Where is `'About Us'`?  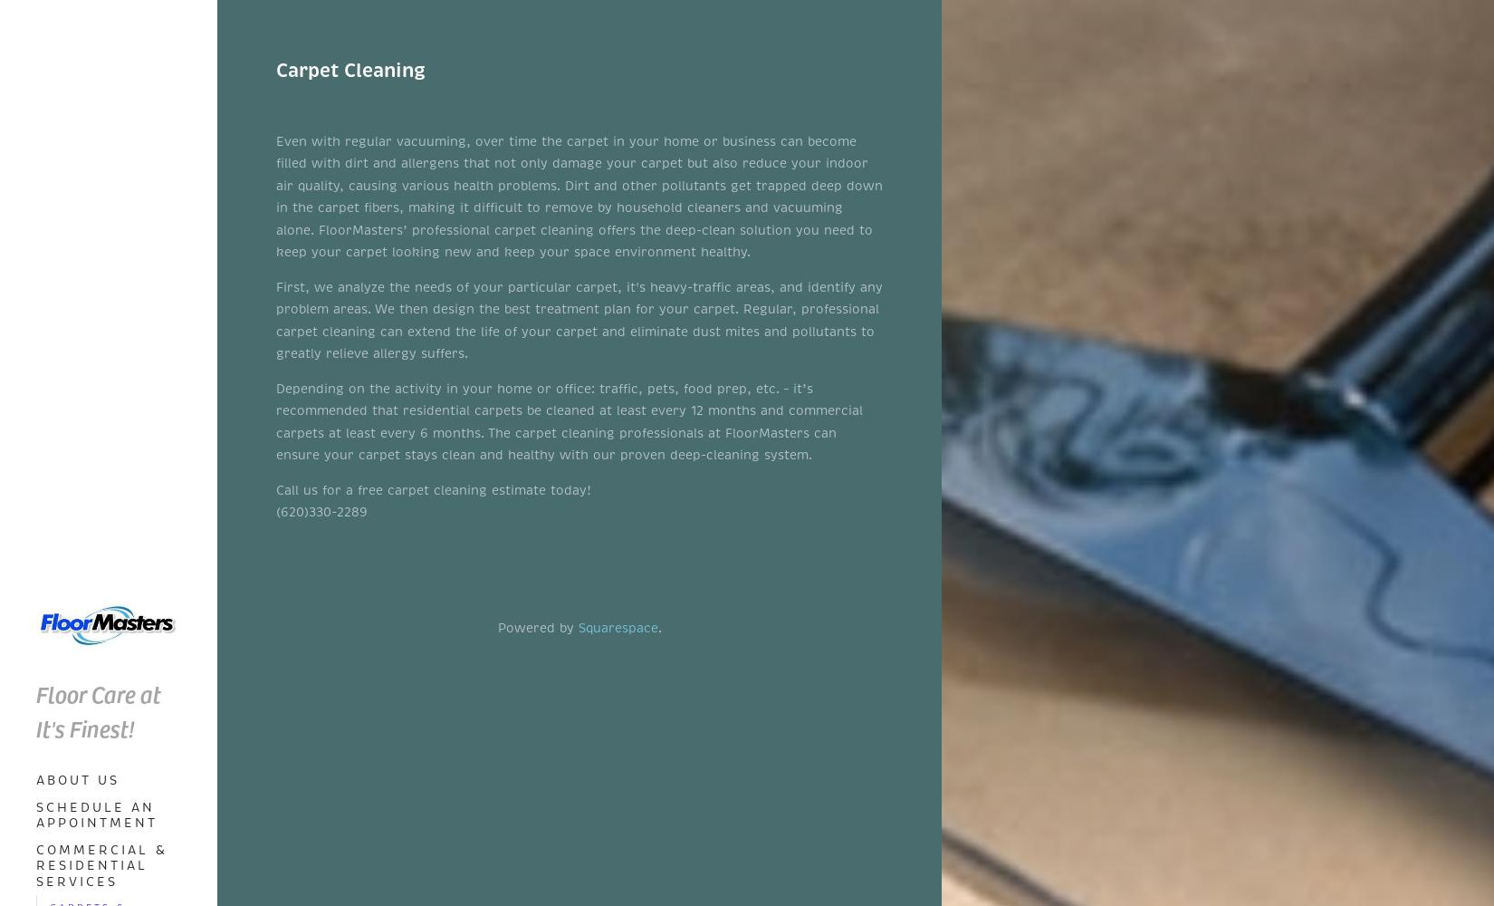
'About Us' is located at coordinates (77, 779).